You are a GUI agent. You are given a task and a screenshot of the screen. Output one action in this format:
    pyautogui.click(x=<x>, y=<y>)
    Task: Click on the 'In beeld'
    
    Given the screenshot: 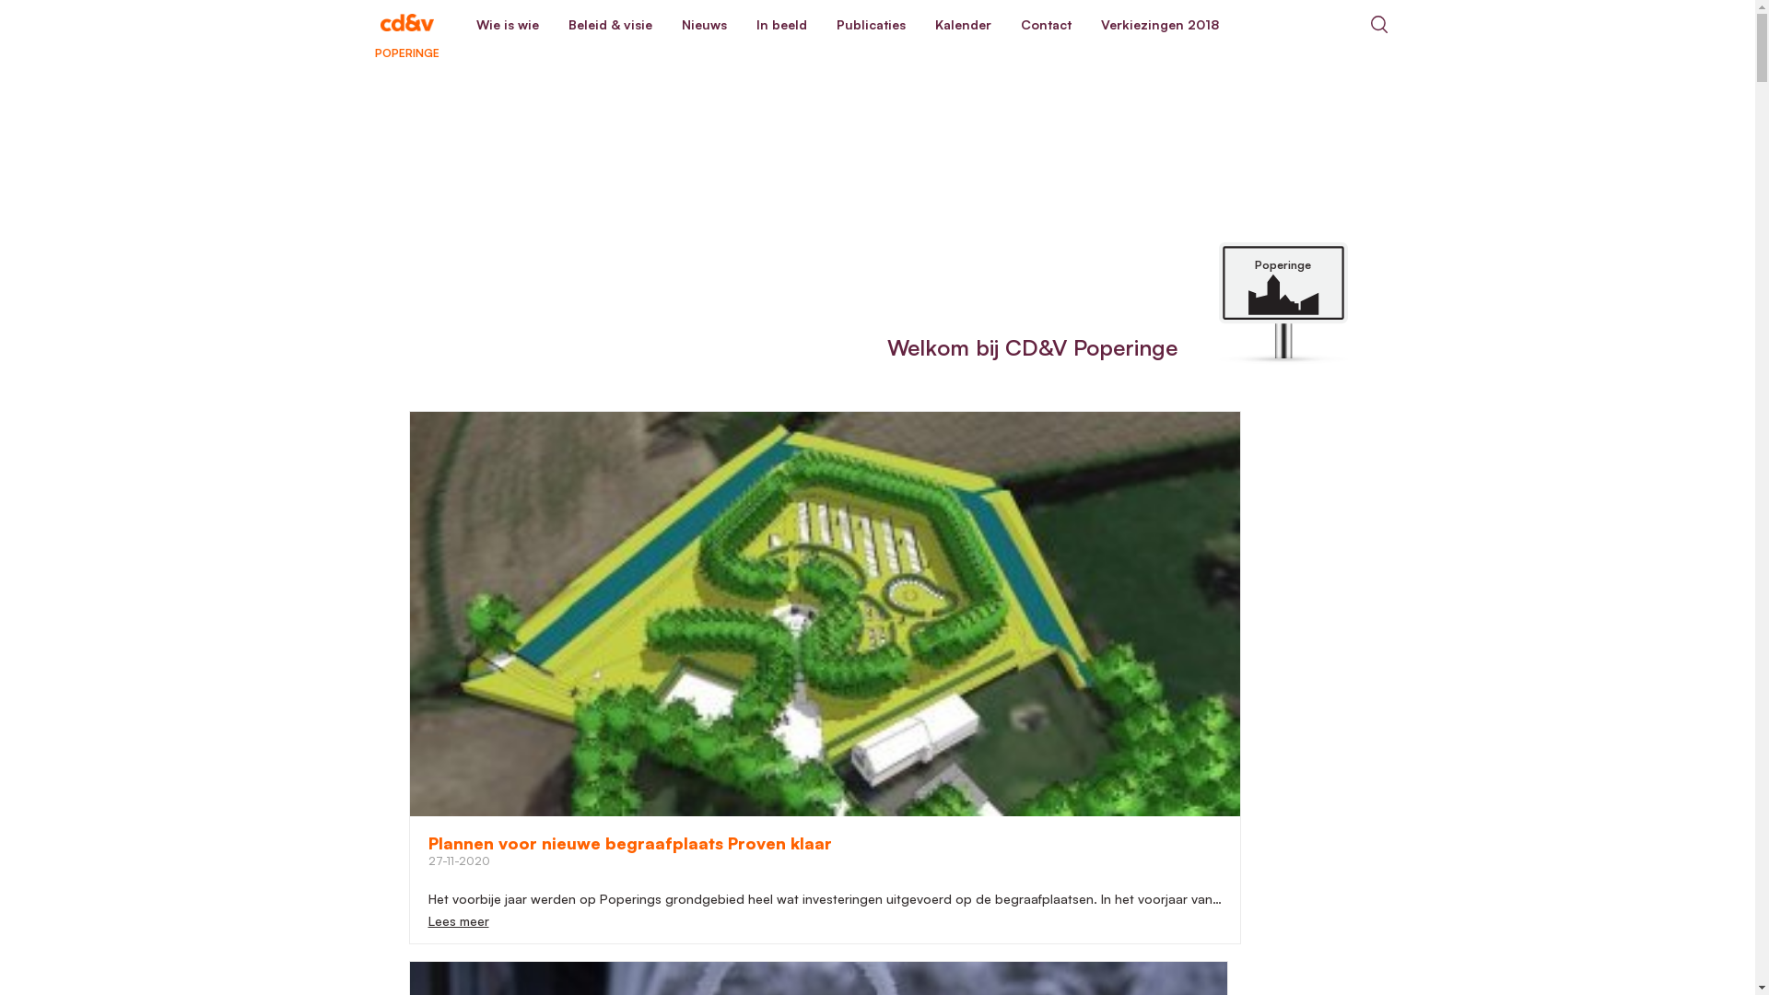 What is the action you would take?
    pyautogui.click(x=741, y=25)
    